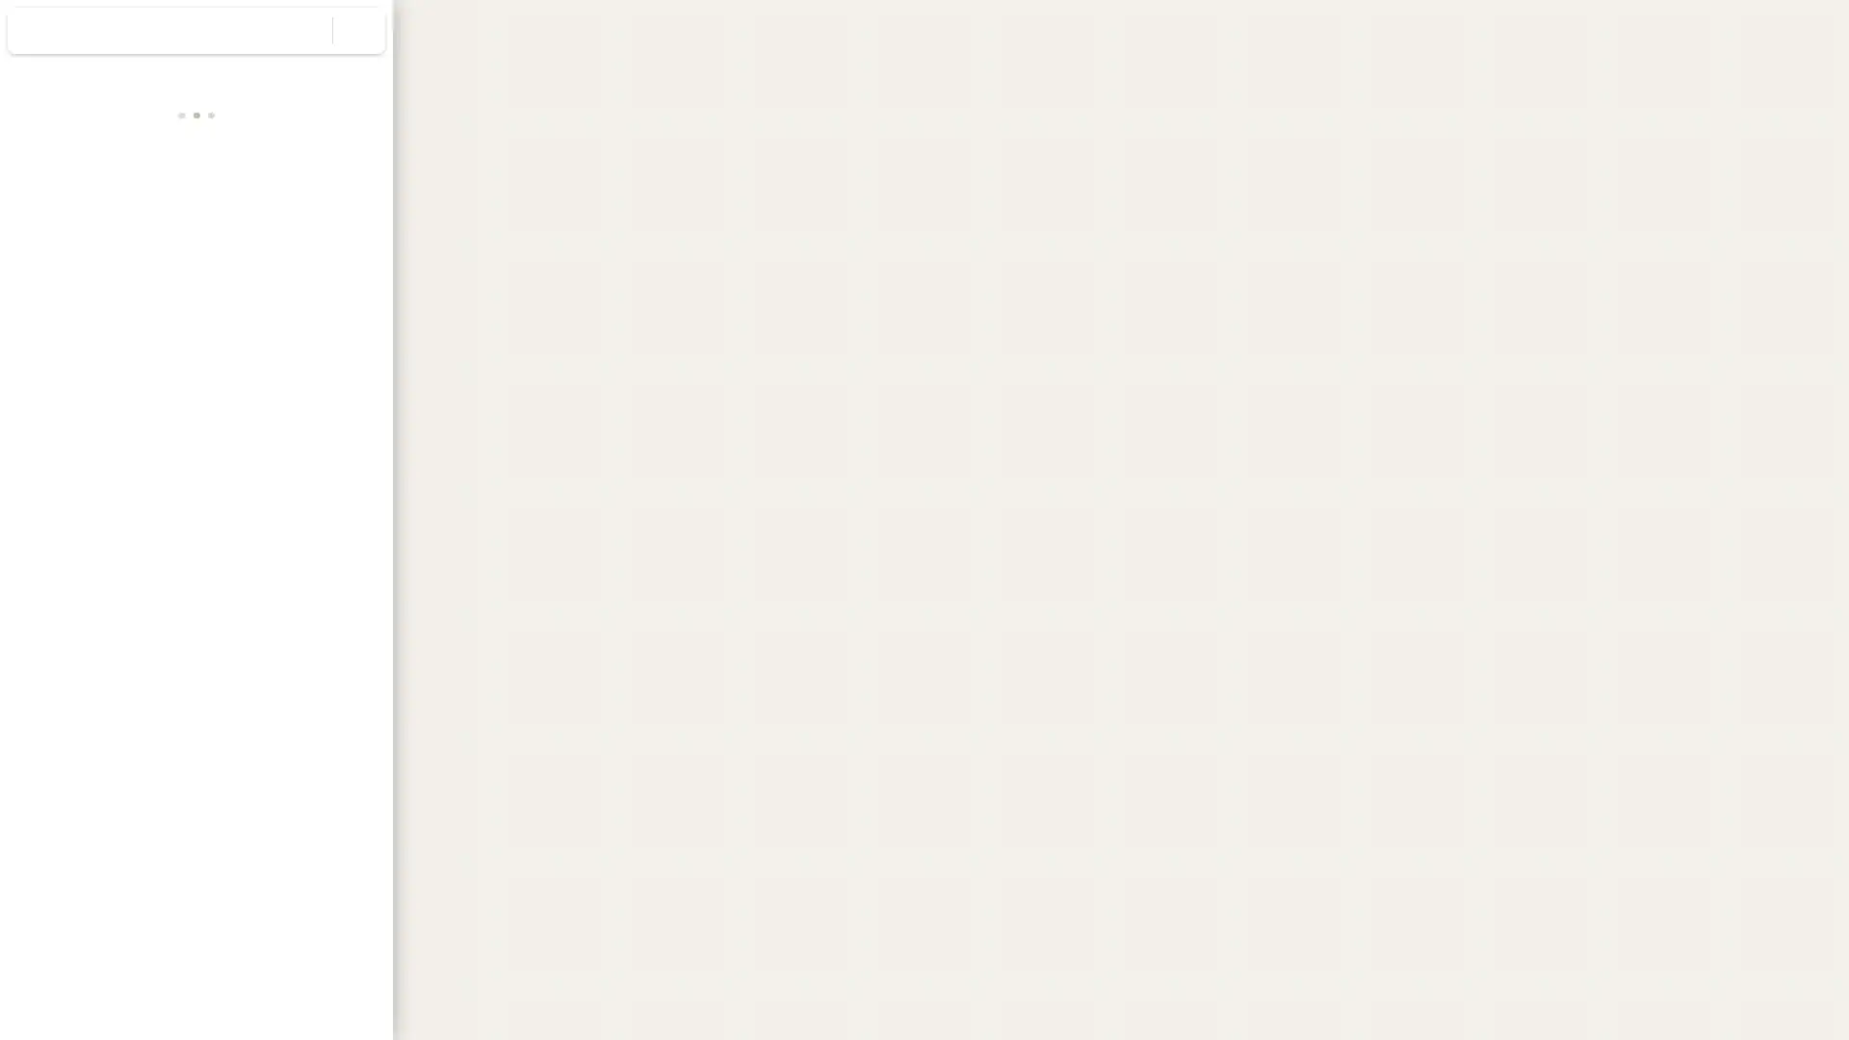  What do you see at coordinates (195, 367) in the screenshot?
I see `Search nearby Toronto` at bounding box center [195, 367].